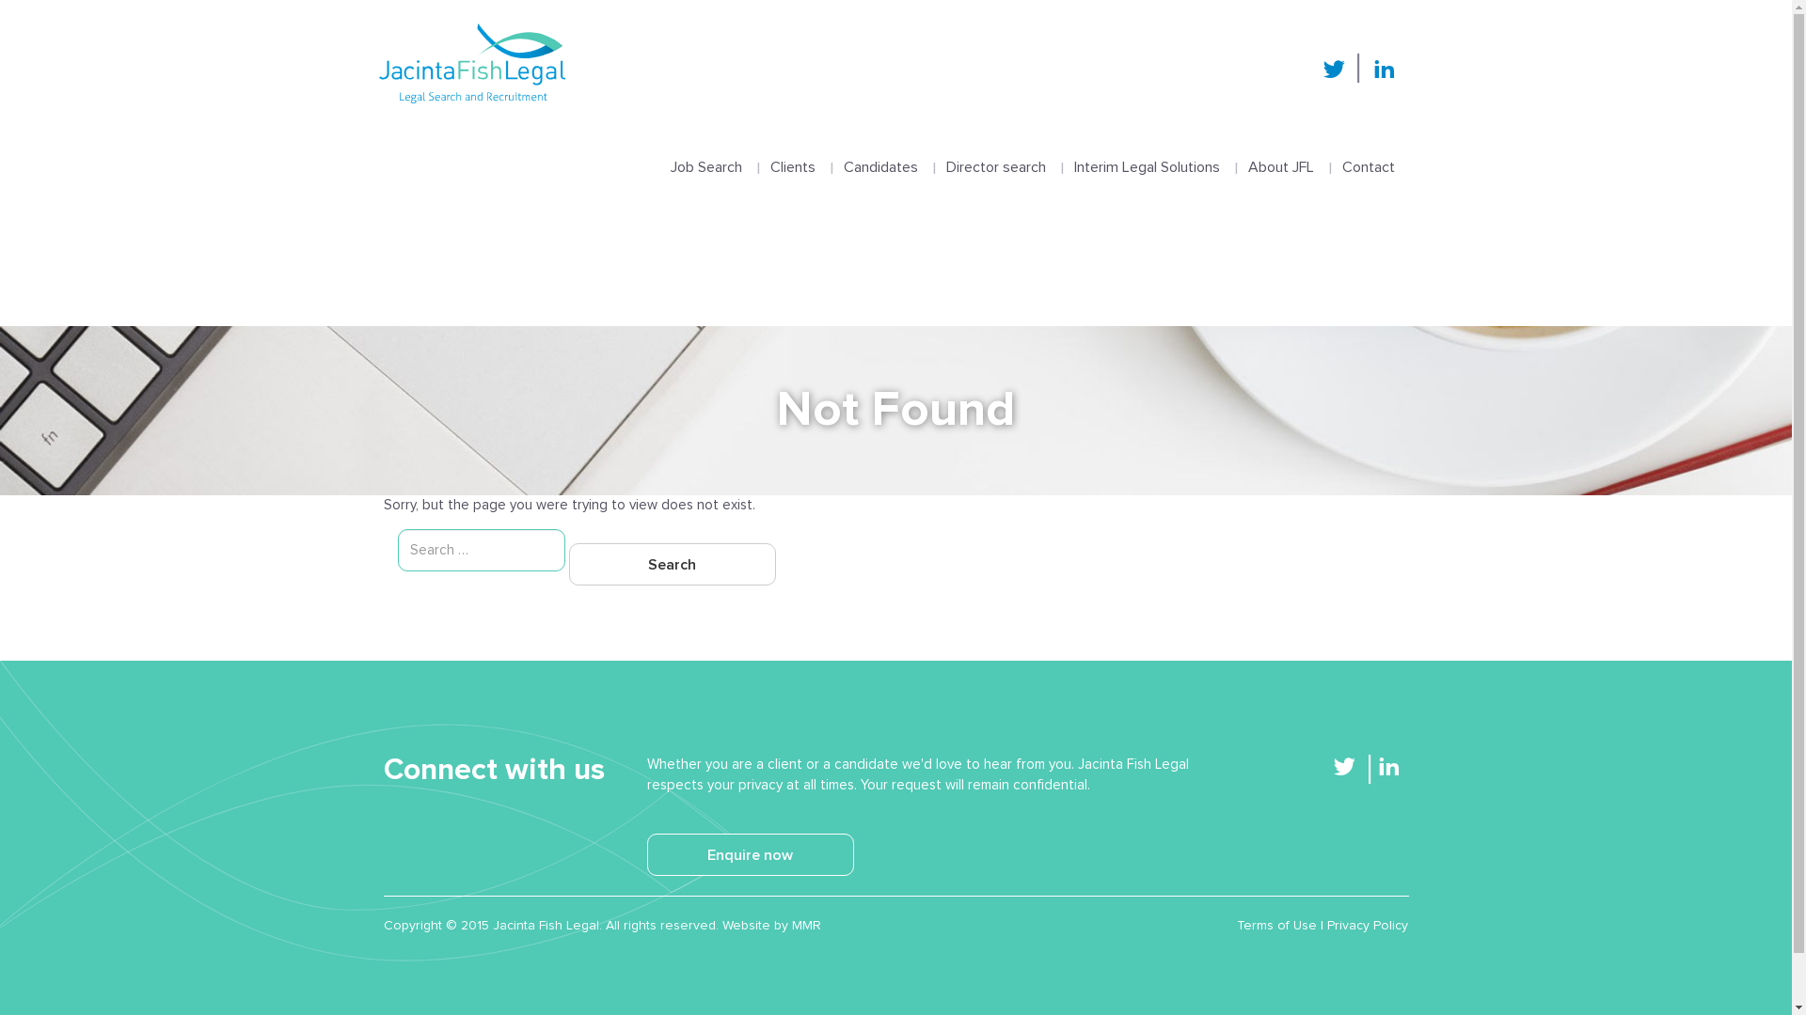  What do you see at coordinates (879, 148) in the screenshot?
I see `'Candidates'` at bounding box center [879, 148].